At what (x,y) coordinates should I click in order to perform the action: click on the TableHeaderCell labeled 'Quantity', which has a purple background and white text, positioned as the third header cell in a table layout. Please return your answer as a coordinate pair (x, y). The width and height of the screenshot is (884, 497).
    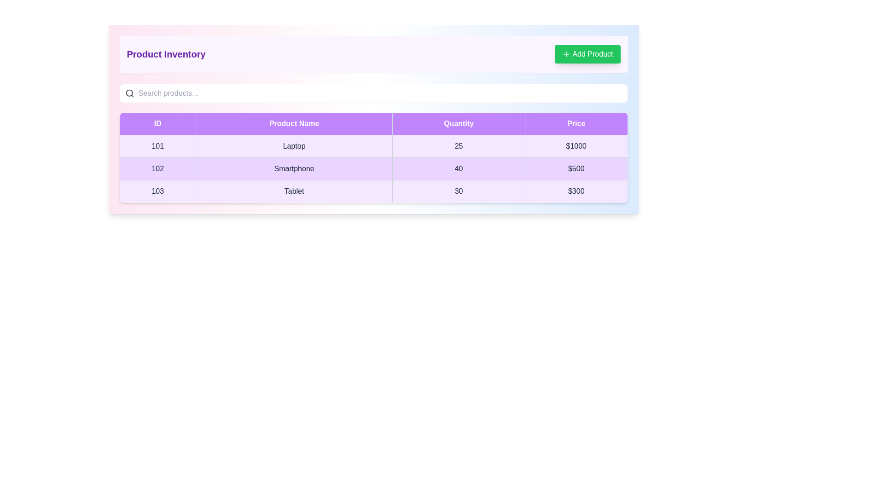
    Looking at the image, I should click on (459, 123).